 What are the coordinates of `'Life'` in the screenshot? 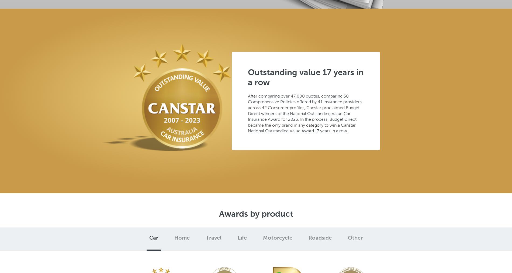 It's located at (242, 238).